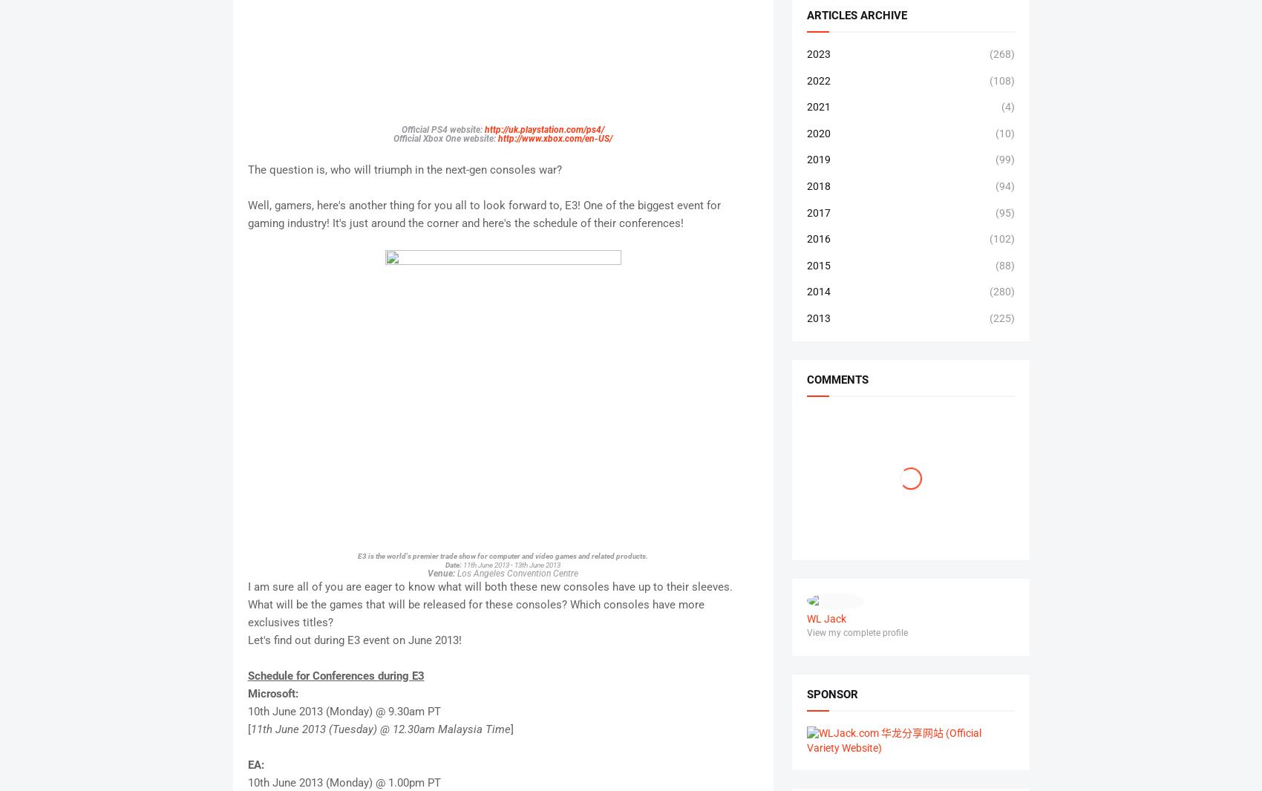 The width and height of the screenshot is (1262, 791). I want to click on 'Venue:', so click(442, 571).